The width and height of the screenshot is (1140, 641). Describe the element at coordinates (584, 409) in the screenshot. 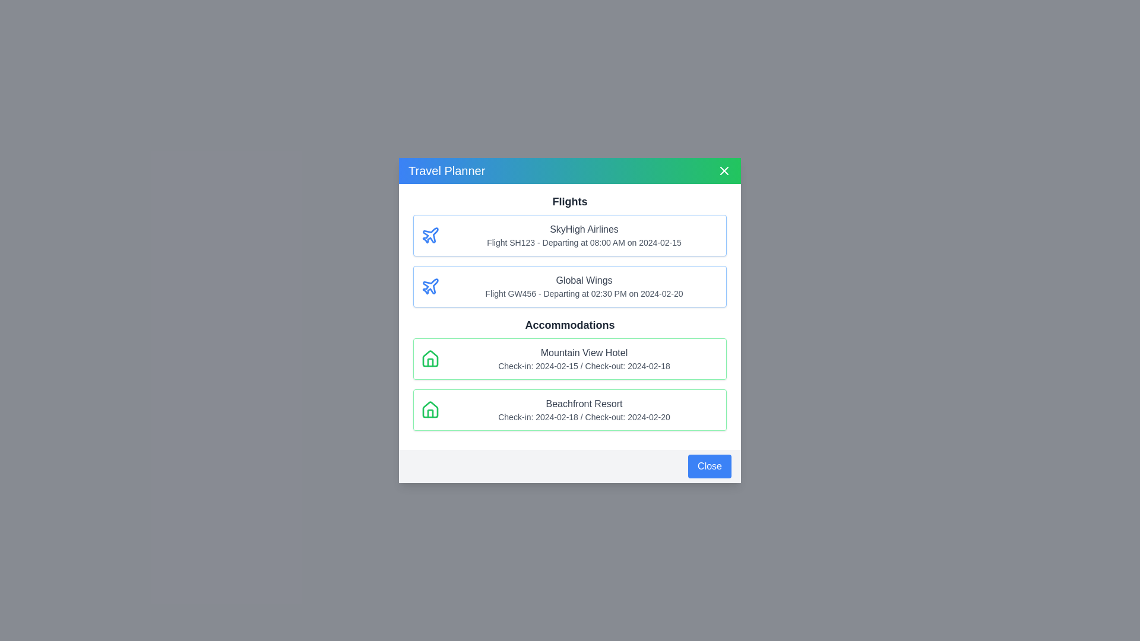

I see `displayed information from the 'Beachfront Resort' text display component located in the 'Accommodations' section of the 'Travel Planner' interface, which is the second entry below 'Mountain View Hotel'` at that location.